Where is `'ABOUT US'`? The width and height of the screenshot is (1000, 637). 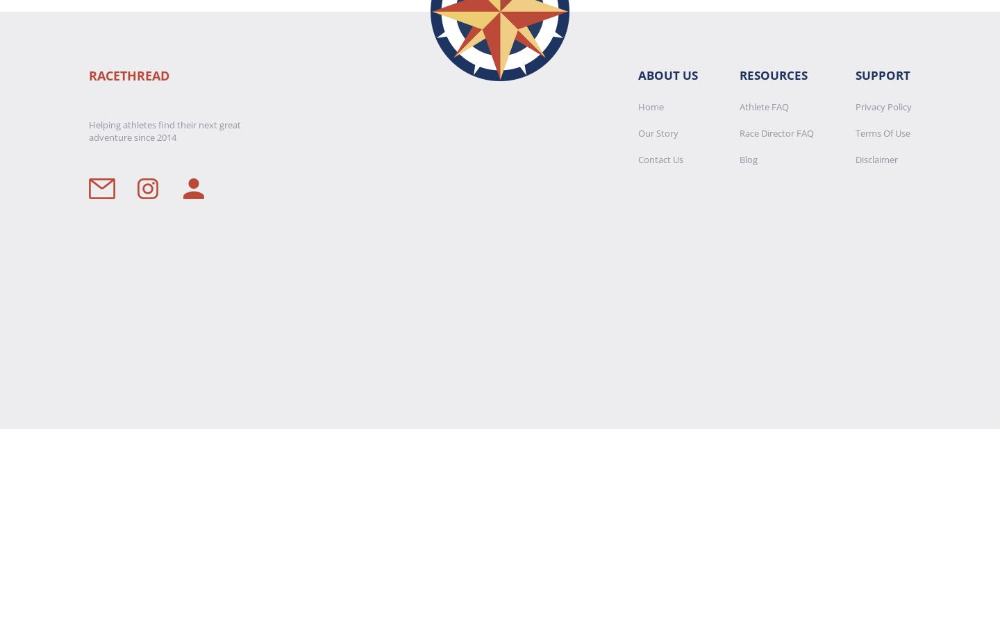 'ABOUT US' is located at coordinates (667, 74).